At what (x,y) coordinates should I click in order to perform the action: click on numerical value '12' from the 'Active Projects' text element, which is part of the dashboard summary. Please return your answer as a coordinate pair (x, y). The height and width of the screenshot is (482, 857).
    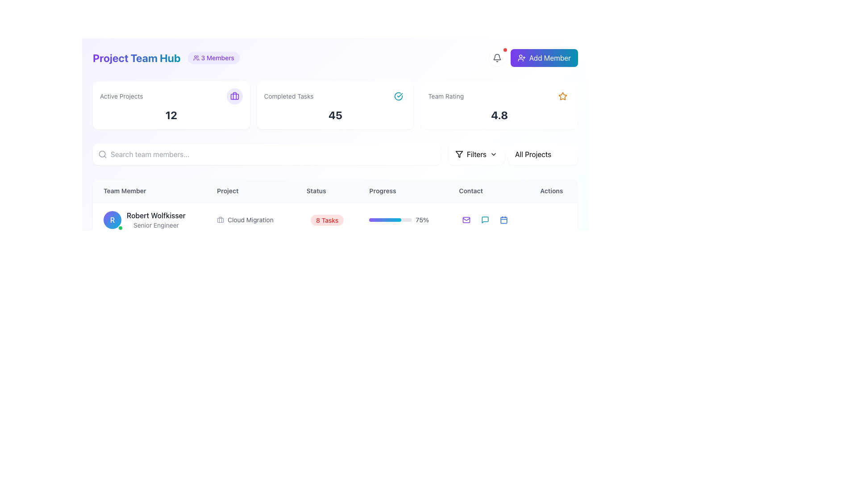
    Looking at the image, I should click on (171, 115).